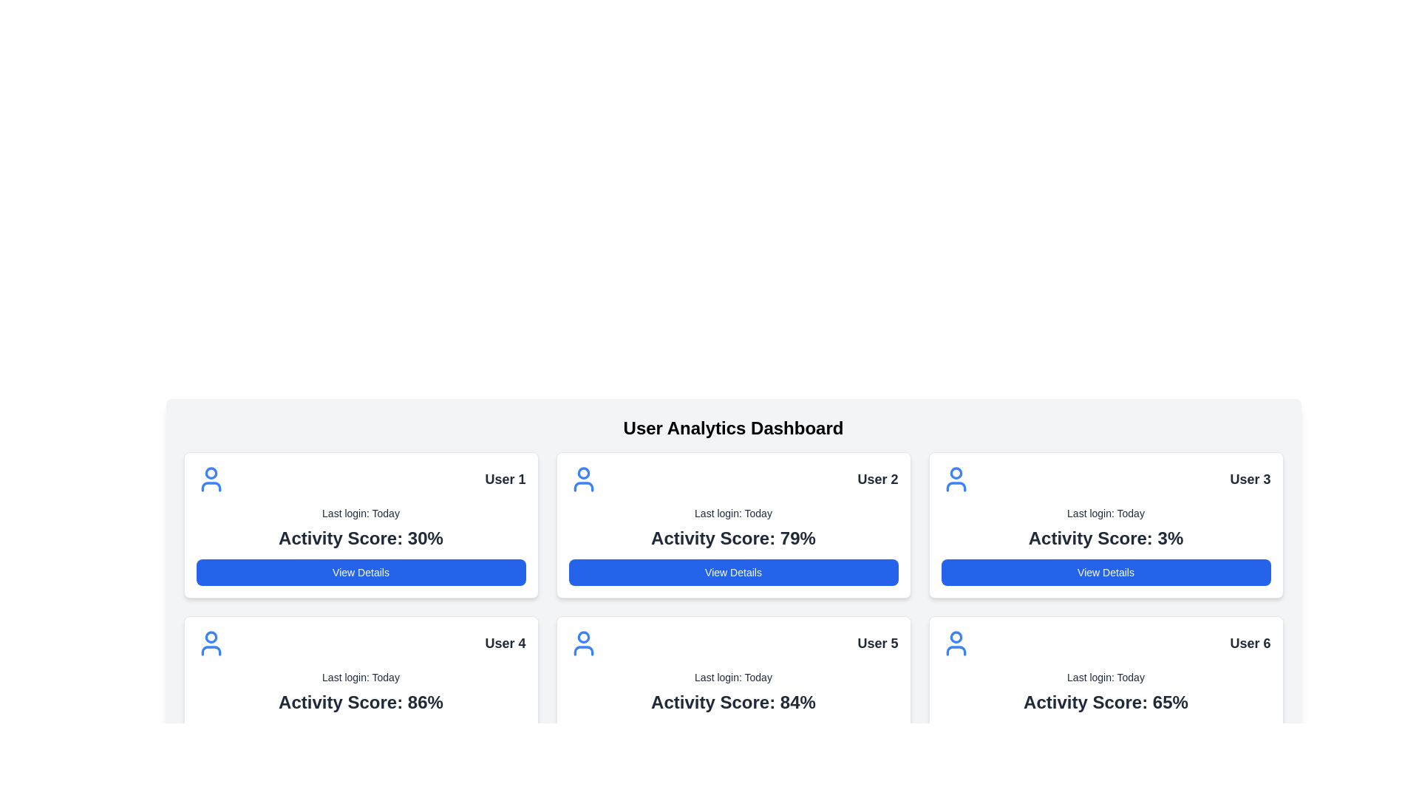  What do you see at coordinates (582, 487) in the screenshot?
I see `the user profile icon located beneath the circular head element in the user card labeled 'User 2' on the dashboard interface` at bounding box center [582, 487].